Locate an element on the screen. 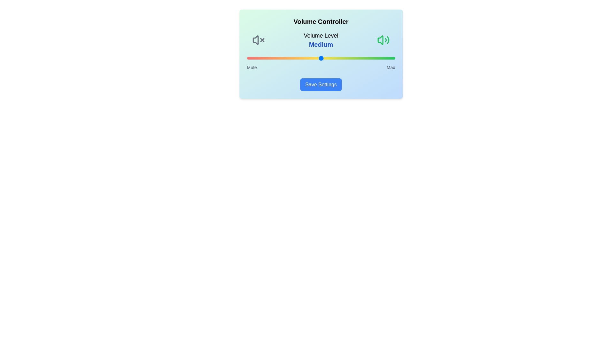  the volume slider to set the volume level to 66 is located at coordinates (344, 58).